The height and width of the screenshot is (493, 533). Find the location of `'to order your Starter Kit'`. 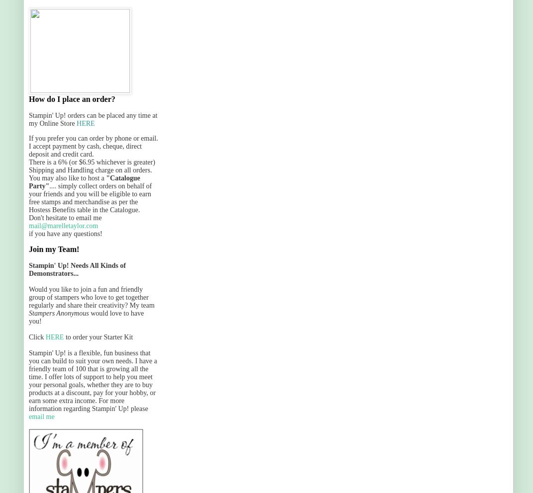

'to order your Starter Kit' is located at coordinates (98, 336).